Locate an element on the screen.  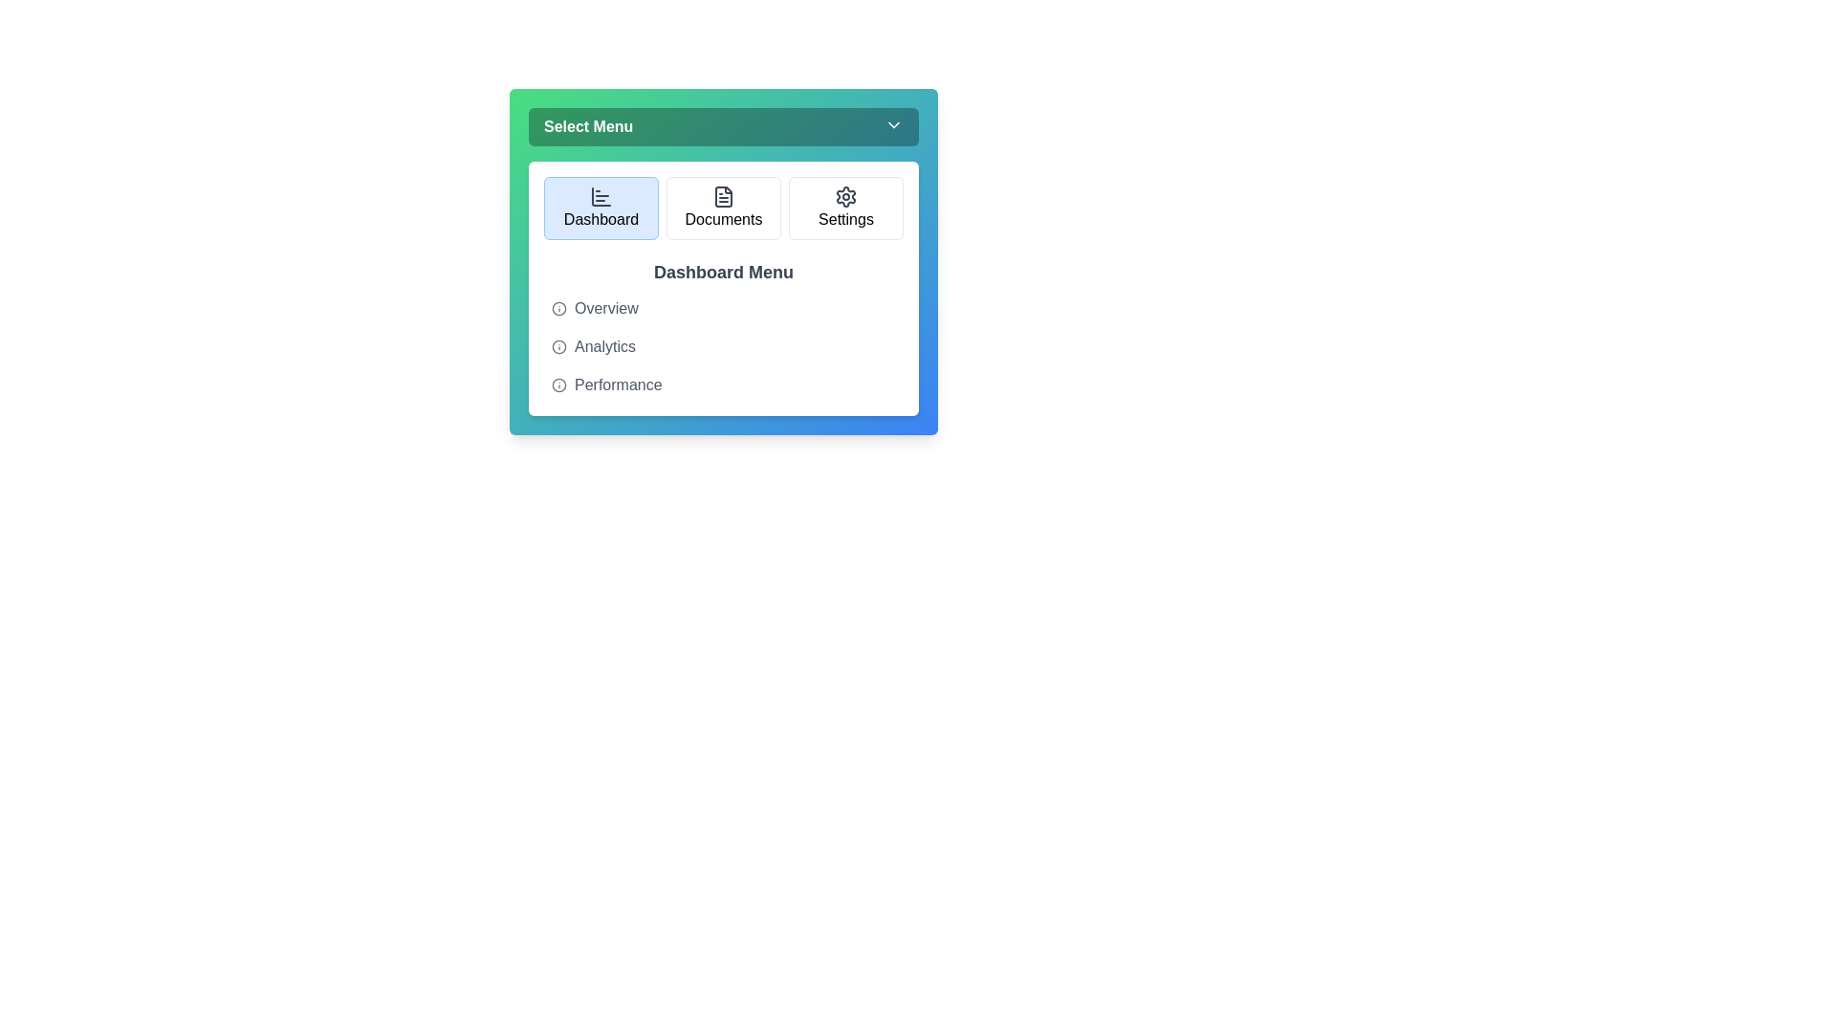
the third menu item labeled 'Performance' in the 'Dashboard Menu' is located at coordinates (723, 385).